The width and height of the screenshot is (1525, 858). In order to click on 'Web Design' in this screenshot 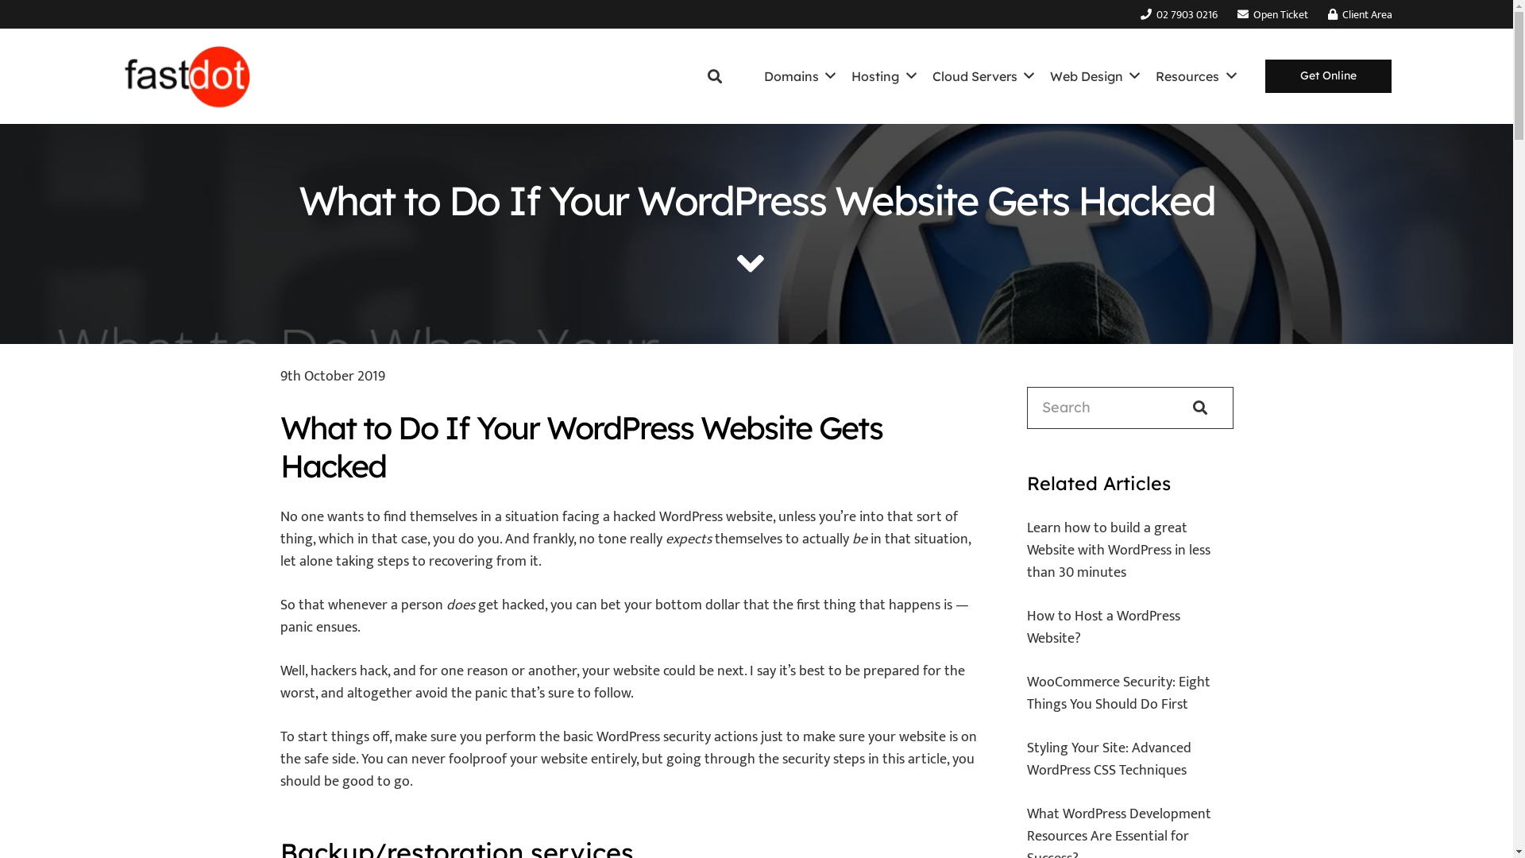, I will do `click(1041, 76)`.